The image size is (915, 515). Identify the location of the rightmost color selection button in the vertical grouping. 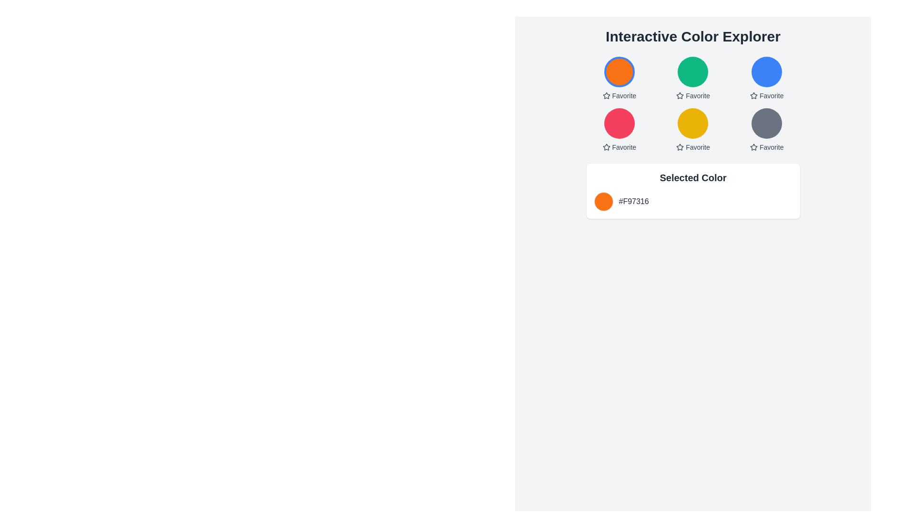
(767, 123).